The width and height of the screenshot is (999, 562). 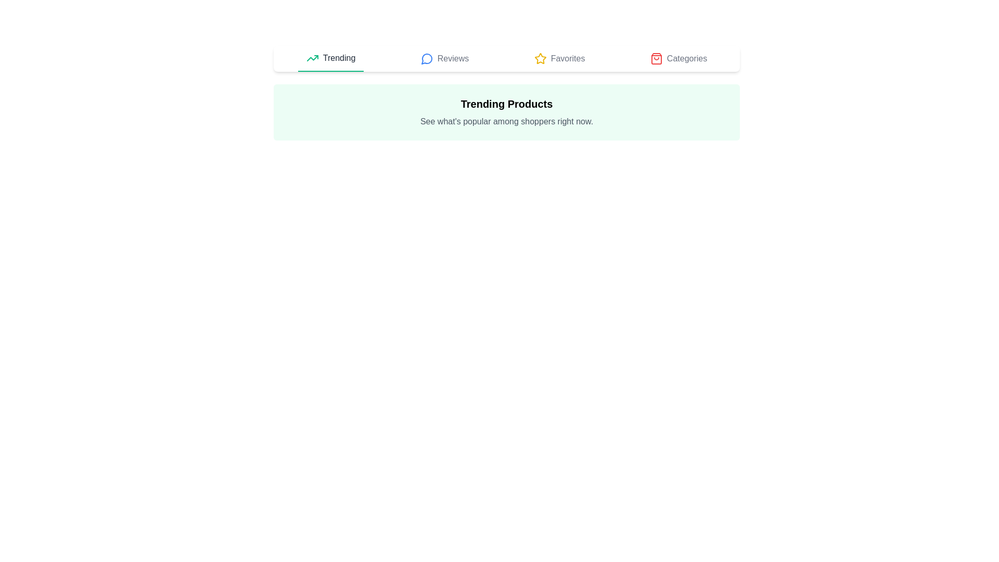 What do you see at coordinates (656, 58) in the screenshot?
I see `the 'Categories' navigation icon located in the navigation bar at the top of the page` at bounding box center [656, 58].